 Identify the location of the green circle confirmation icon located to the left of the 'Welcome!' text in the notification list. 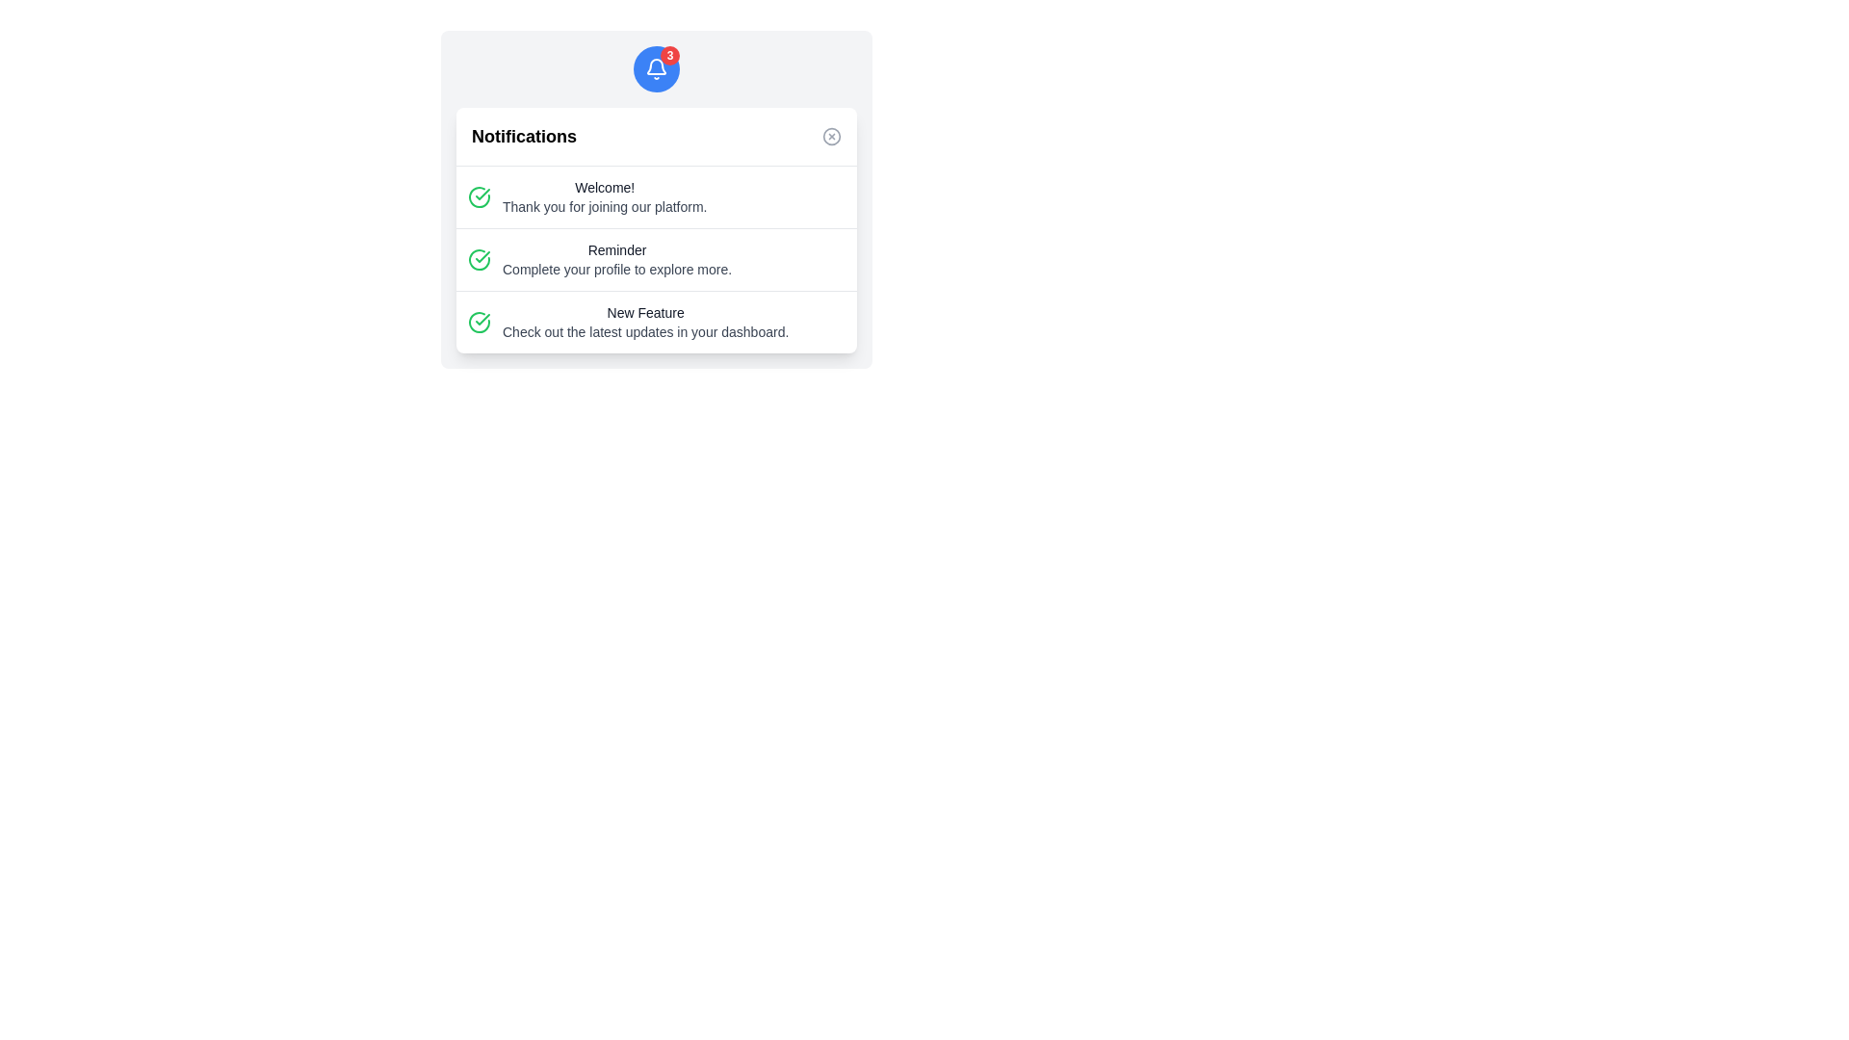
(480, 196).